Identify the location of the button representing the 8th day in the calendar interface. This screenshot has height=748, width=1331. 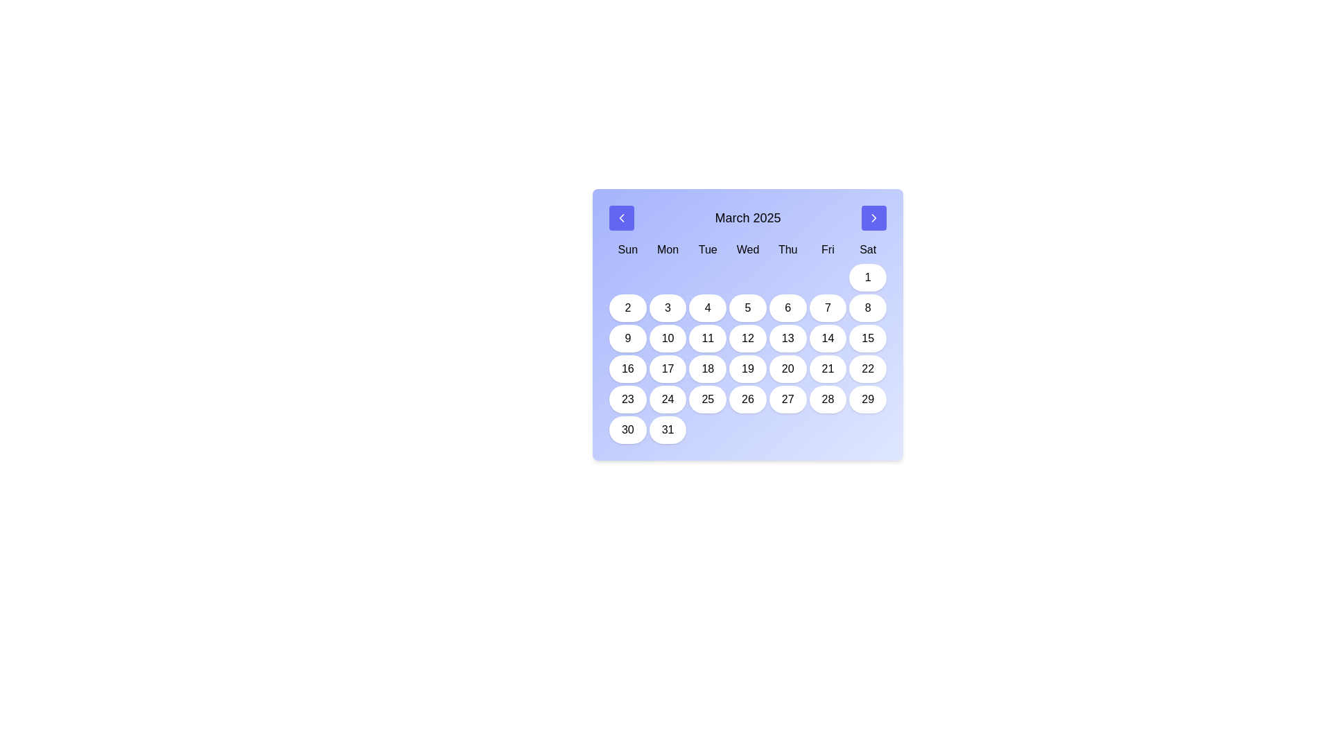
(867, 307).